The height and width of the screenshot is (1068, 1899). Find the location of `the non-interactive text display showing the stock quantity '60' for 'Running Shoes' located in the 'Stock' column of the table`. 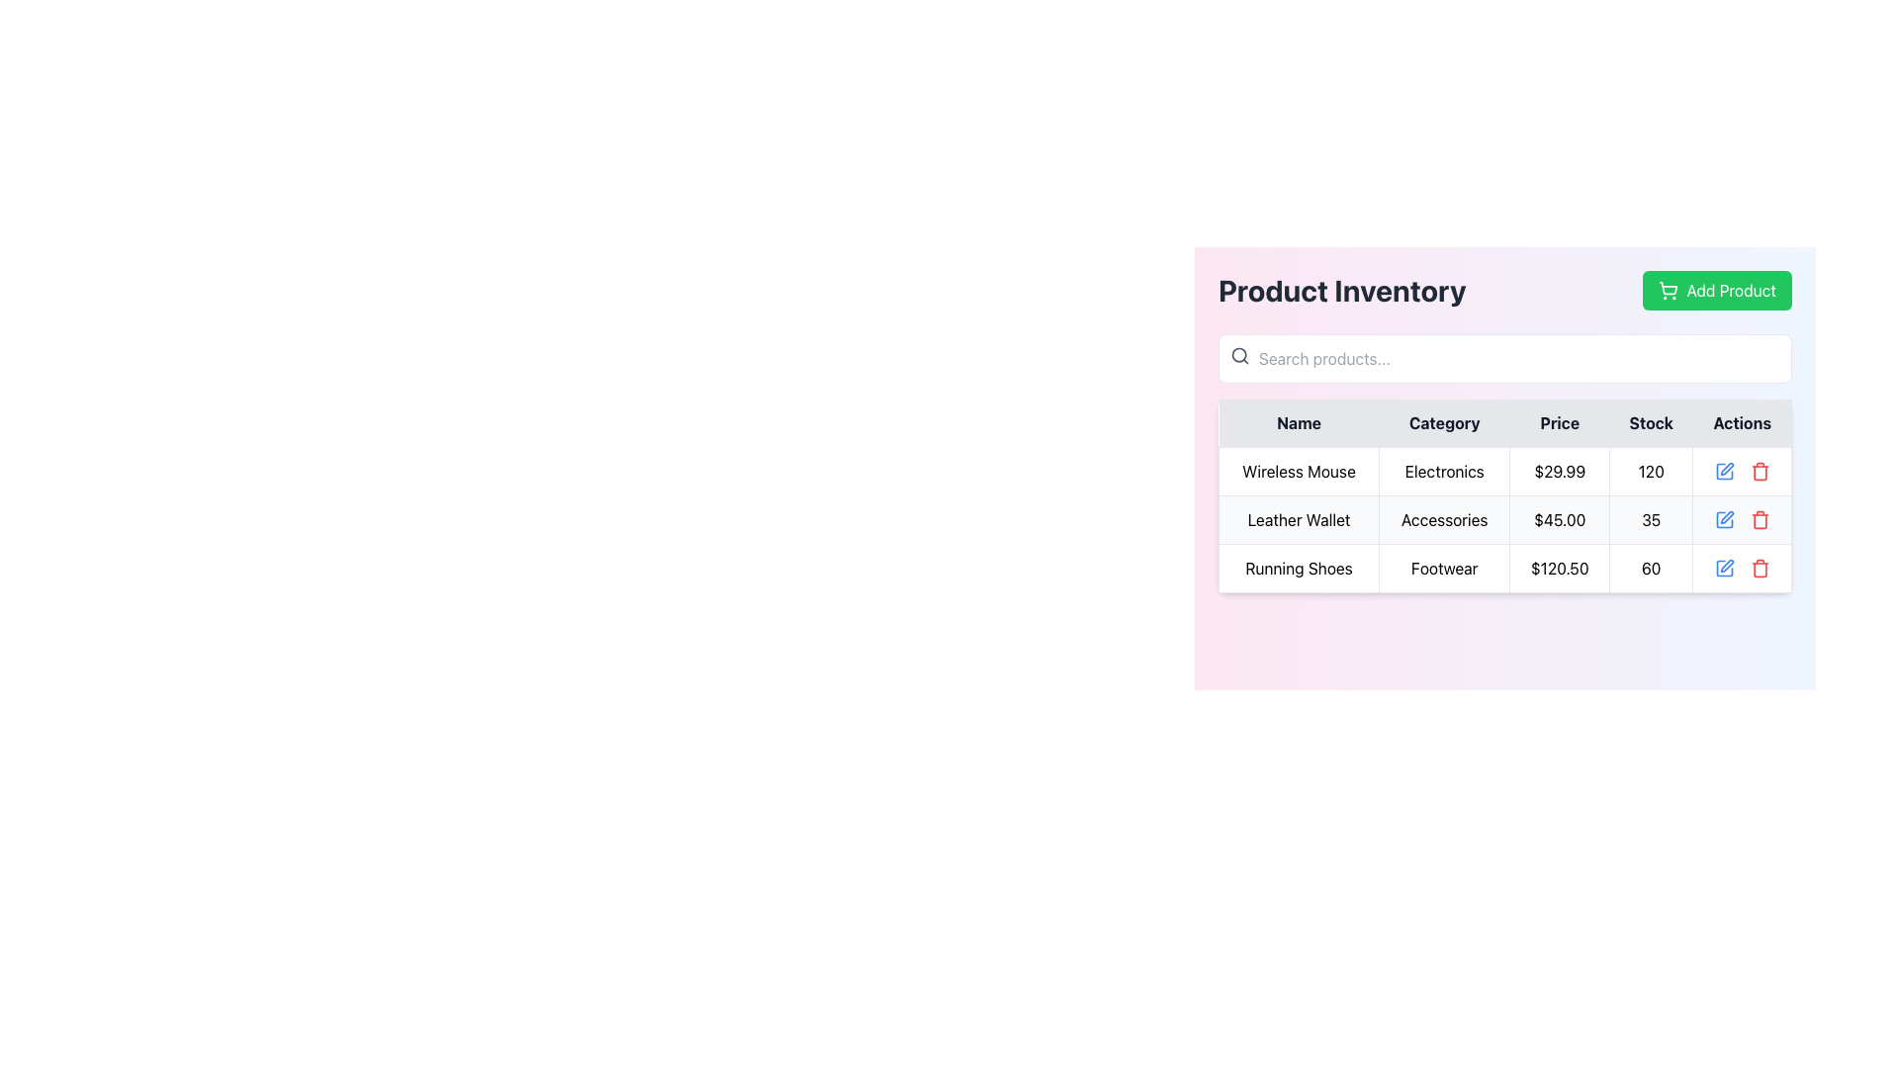

the non-interactive text display showing the stock quantity '60' for 'Running Shoes' located in the 'Stock' column of the table is located at coordinates (1651, 568).